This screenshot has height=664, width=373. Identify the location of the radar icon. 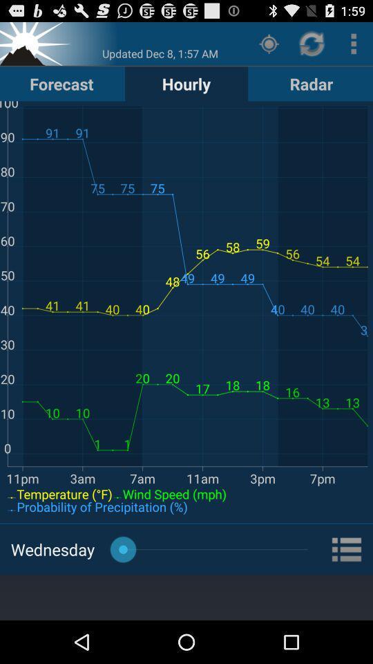
(311, 83).